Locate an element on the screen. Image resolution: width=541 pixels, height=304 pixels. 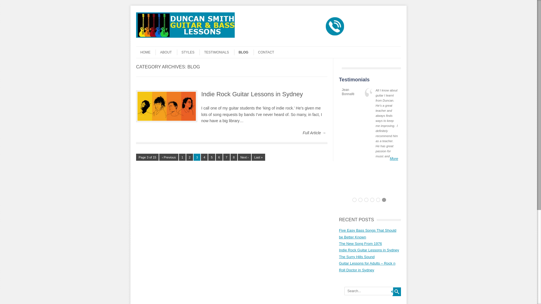
'2' is located at coordinates (189, 157).